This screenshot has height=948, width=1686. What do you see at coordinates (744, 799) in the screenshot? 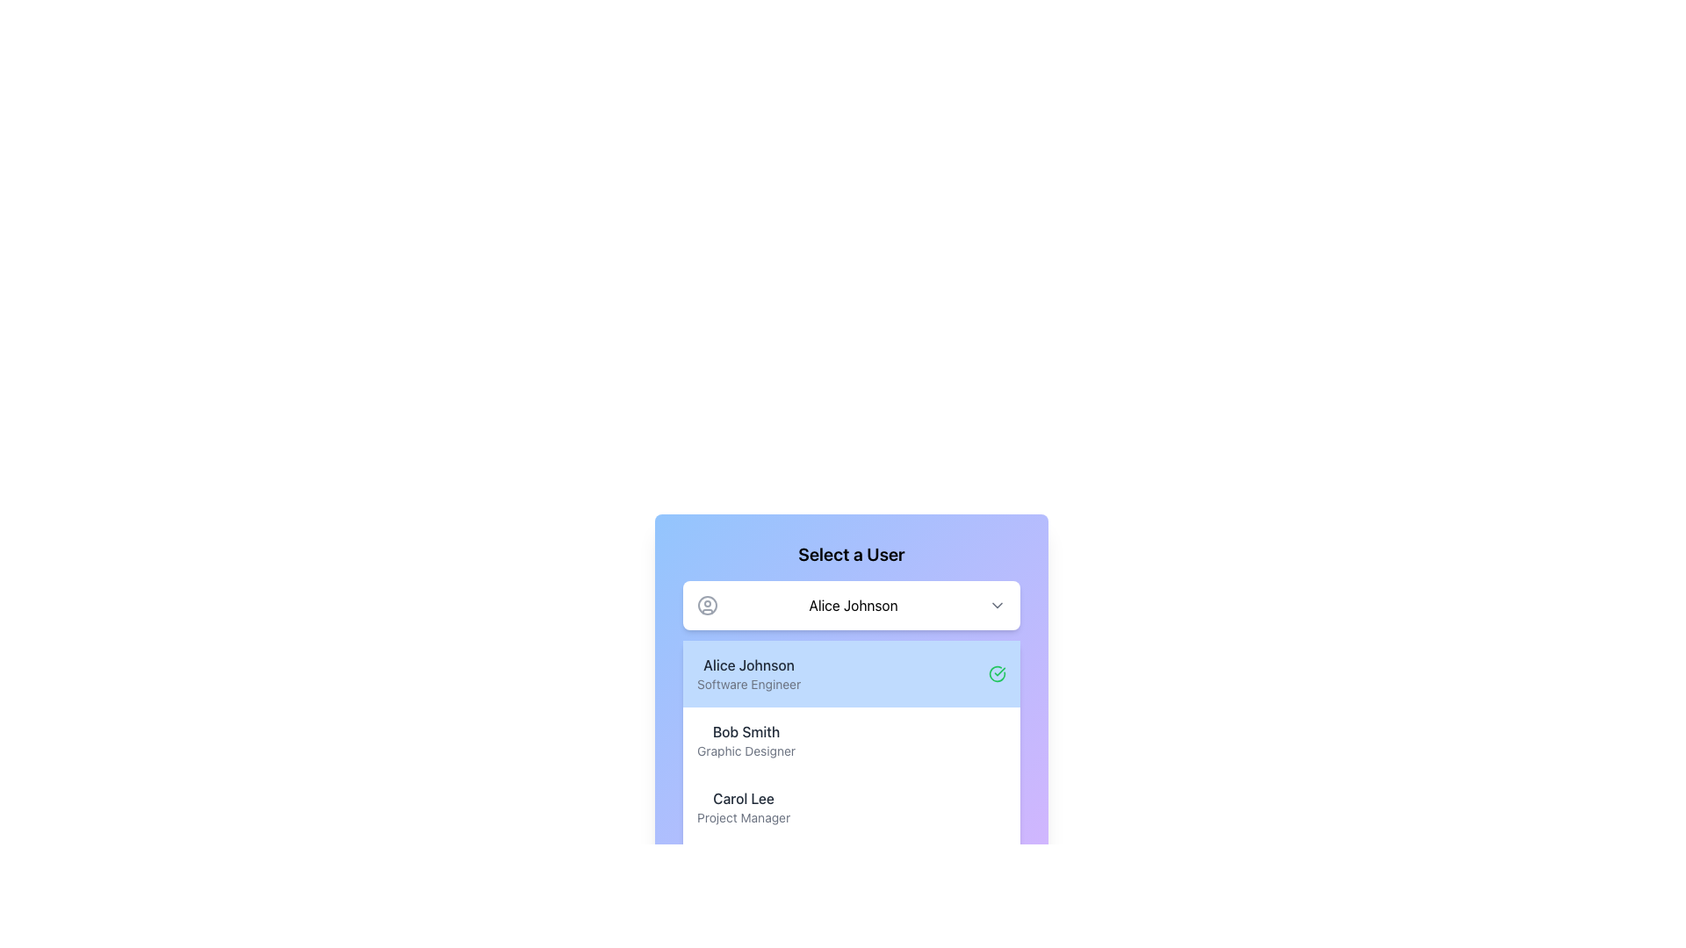
I see `the header text element displaying 'Carol Lee', which is located at the bottom of the user list in the interface, just above the designation text 'Project Manager'` at bounding box center [744, 799].